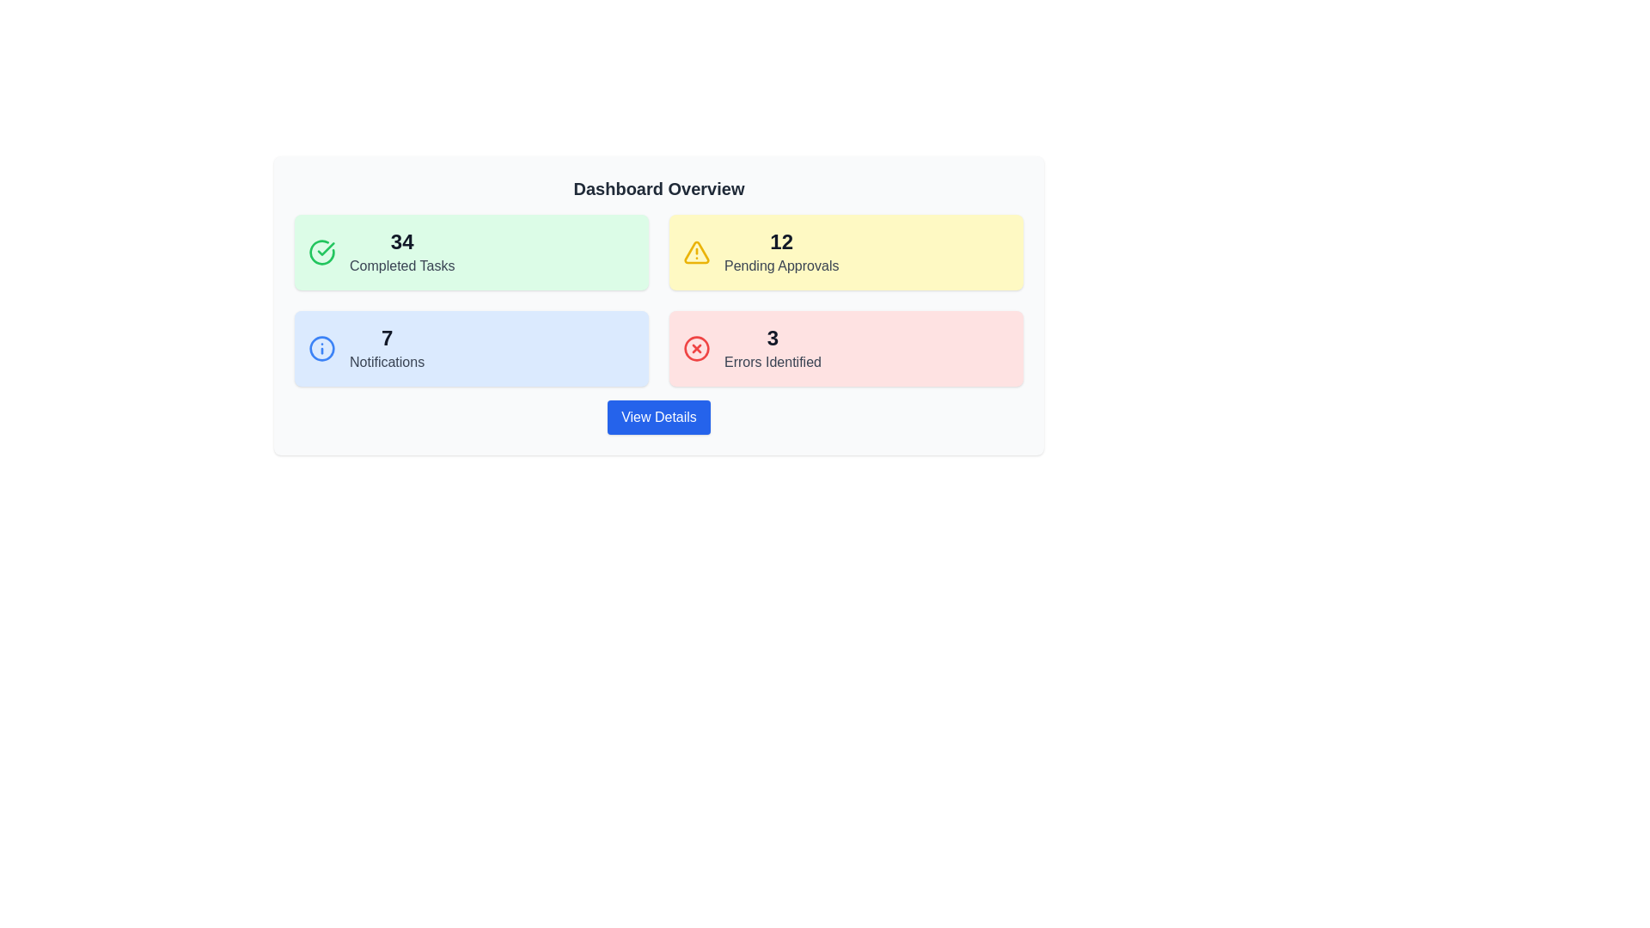  I want to click on the Information Card displaying '12 Pending Approvals' with a yellow background, located in the second position of the top row, so click(846, 252).